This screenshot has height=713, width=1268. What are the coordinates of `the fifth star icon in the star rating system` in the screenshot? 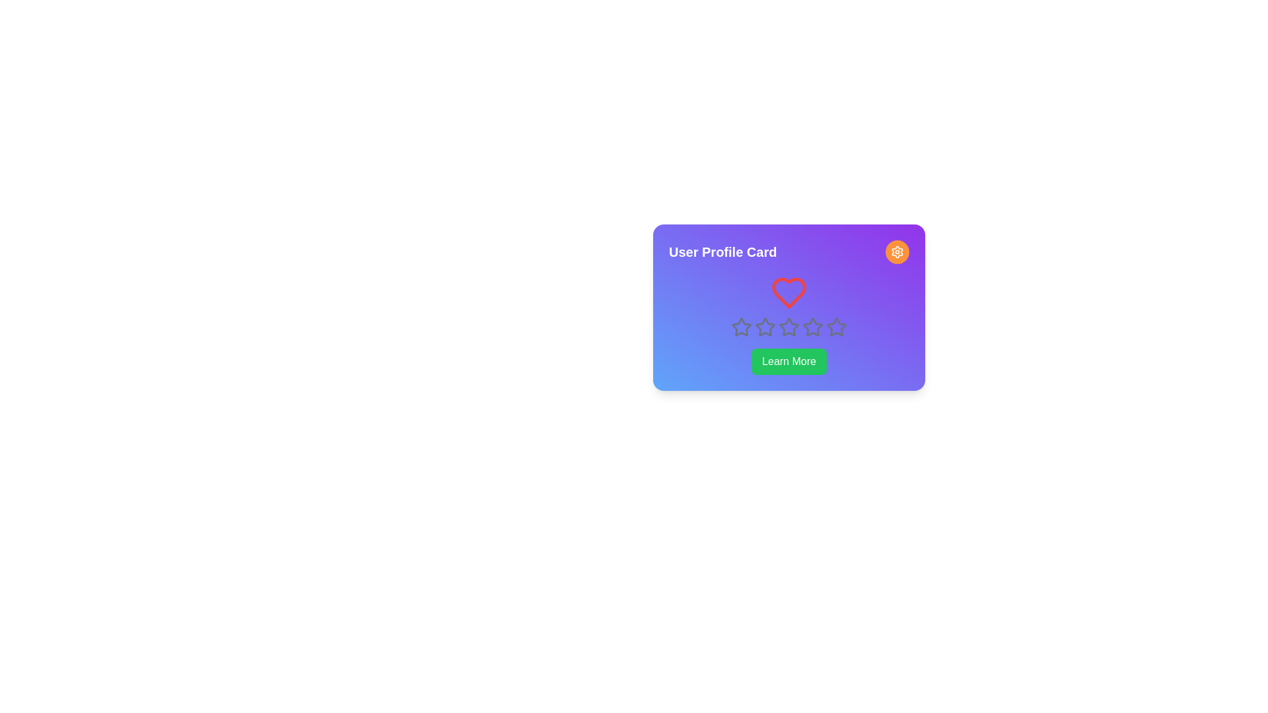 It's located at (836, 327).